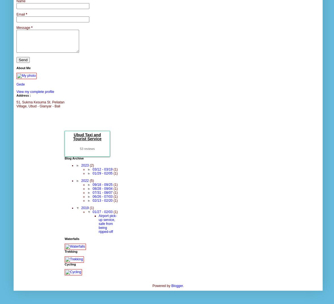 The width and height of the screenshot is (334, 304). What do you see at coordinates (23, 95) in the screenshot?
I see `'Address :'` at bounding box center [23, 95].